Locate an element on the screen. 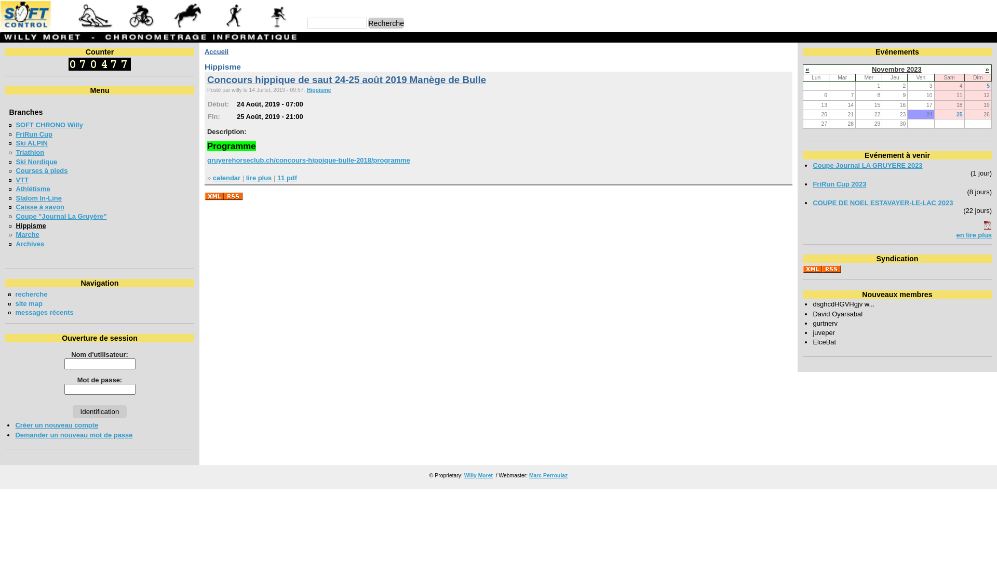 The height and width of the screenshot is (561, 997). 'Archives' is located at coordinates (30, 244).